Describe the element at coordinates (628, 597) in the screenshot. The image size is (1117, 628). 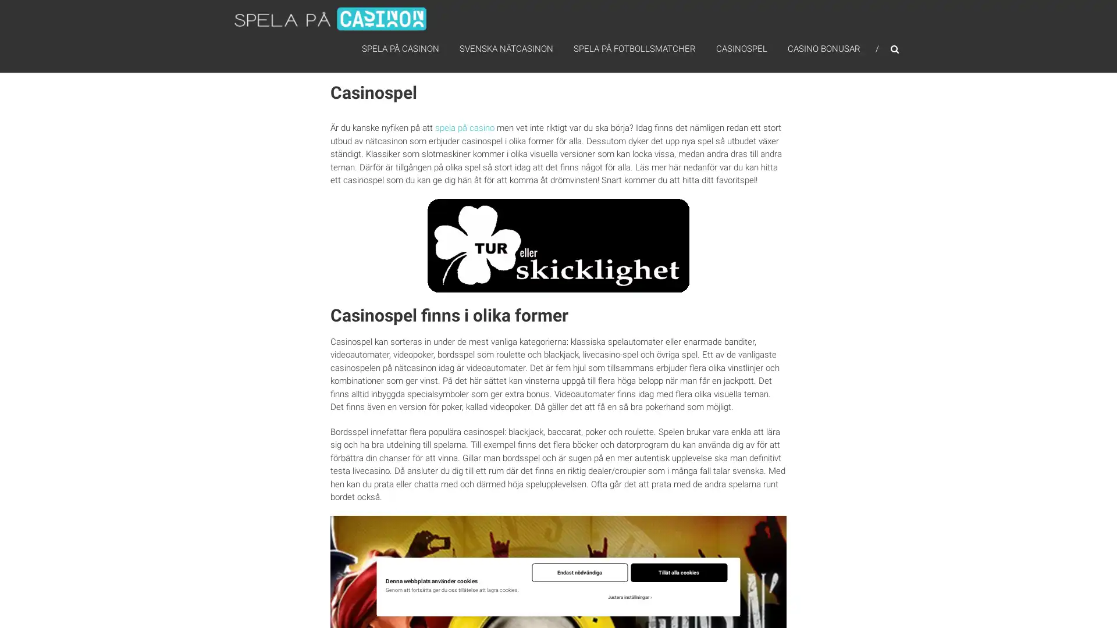
I see `Justera installningar` at that location.